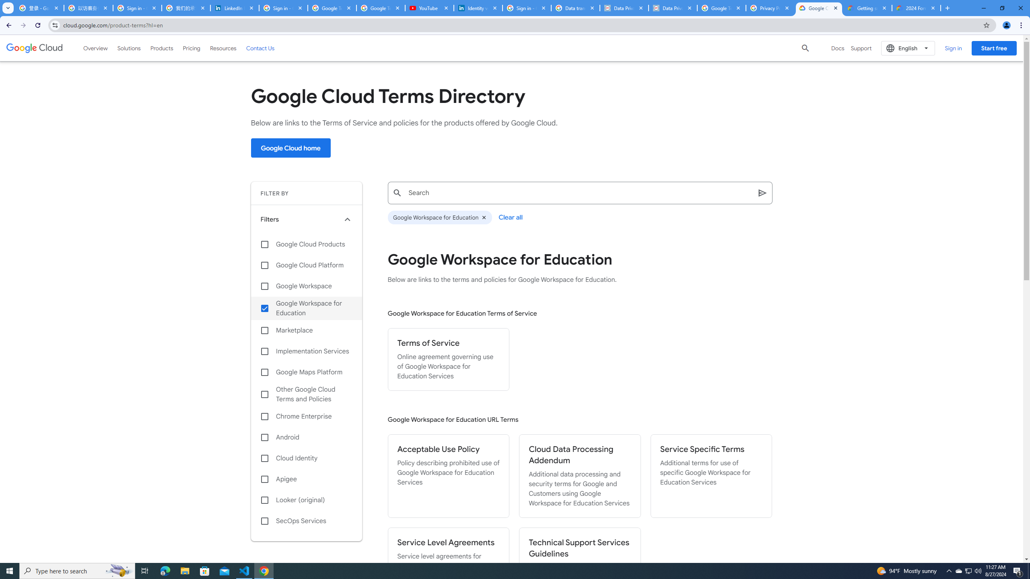 The height and width of the screenshot is (579, 1030). I want to click on 'Google Maps Platform', so click(306, 372).